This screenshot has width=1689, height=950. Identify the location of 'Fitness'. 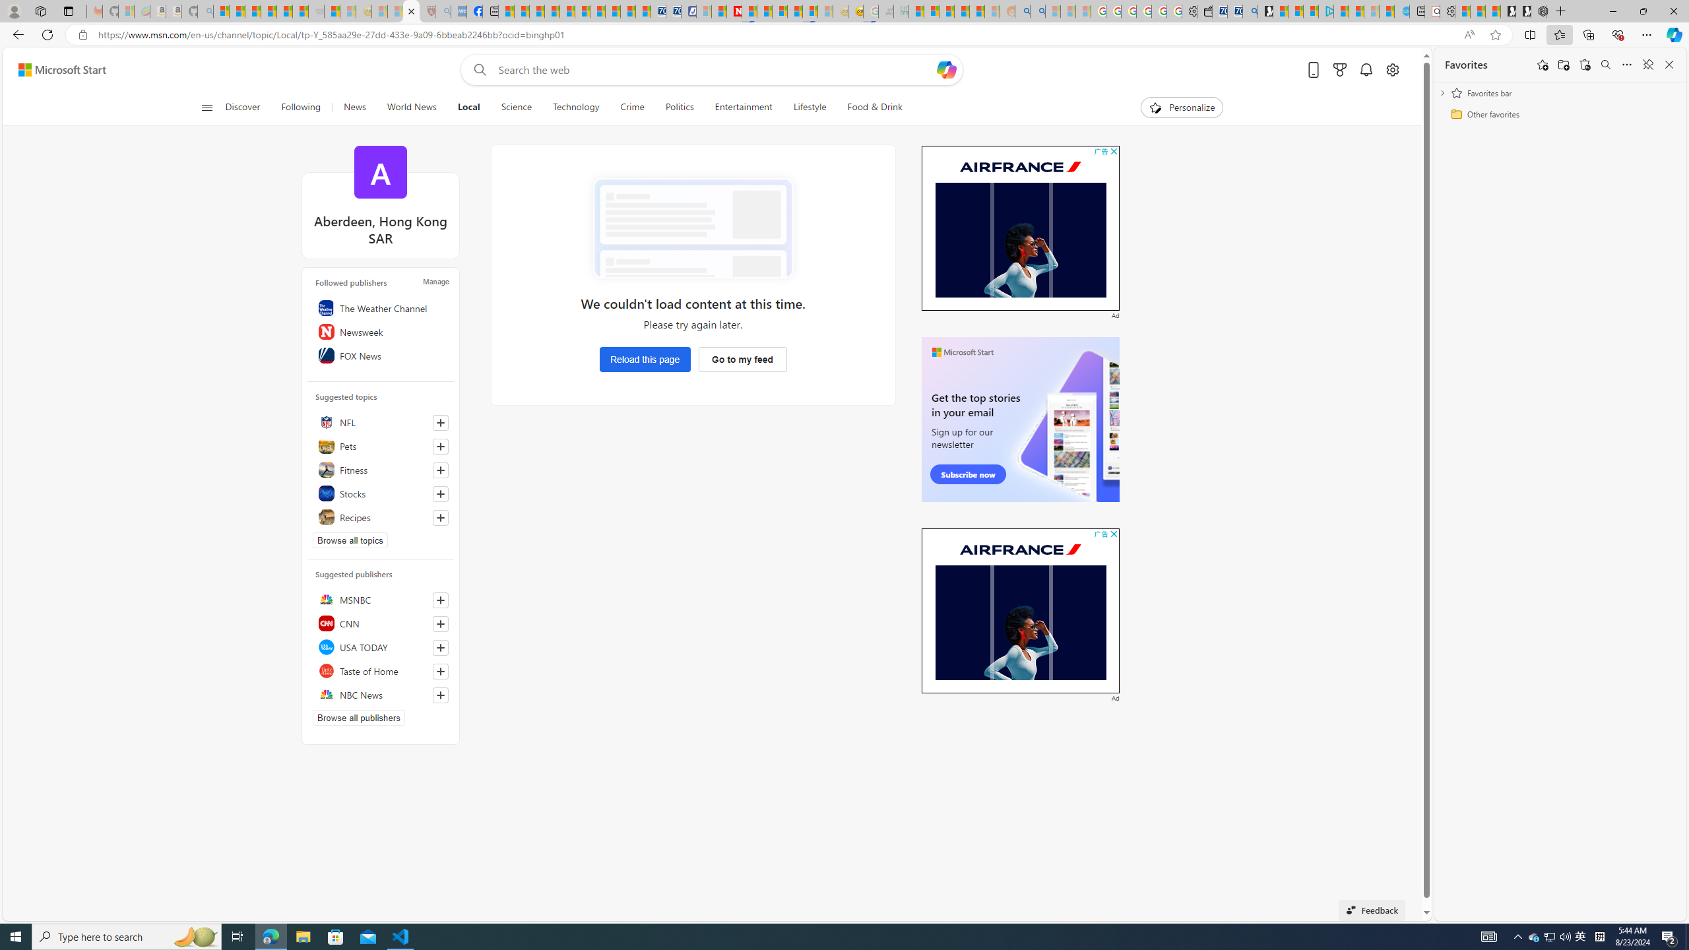
(379, 470).